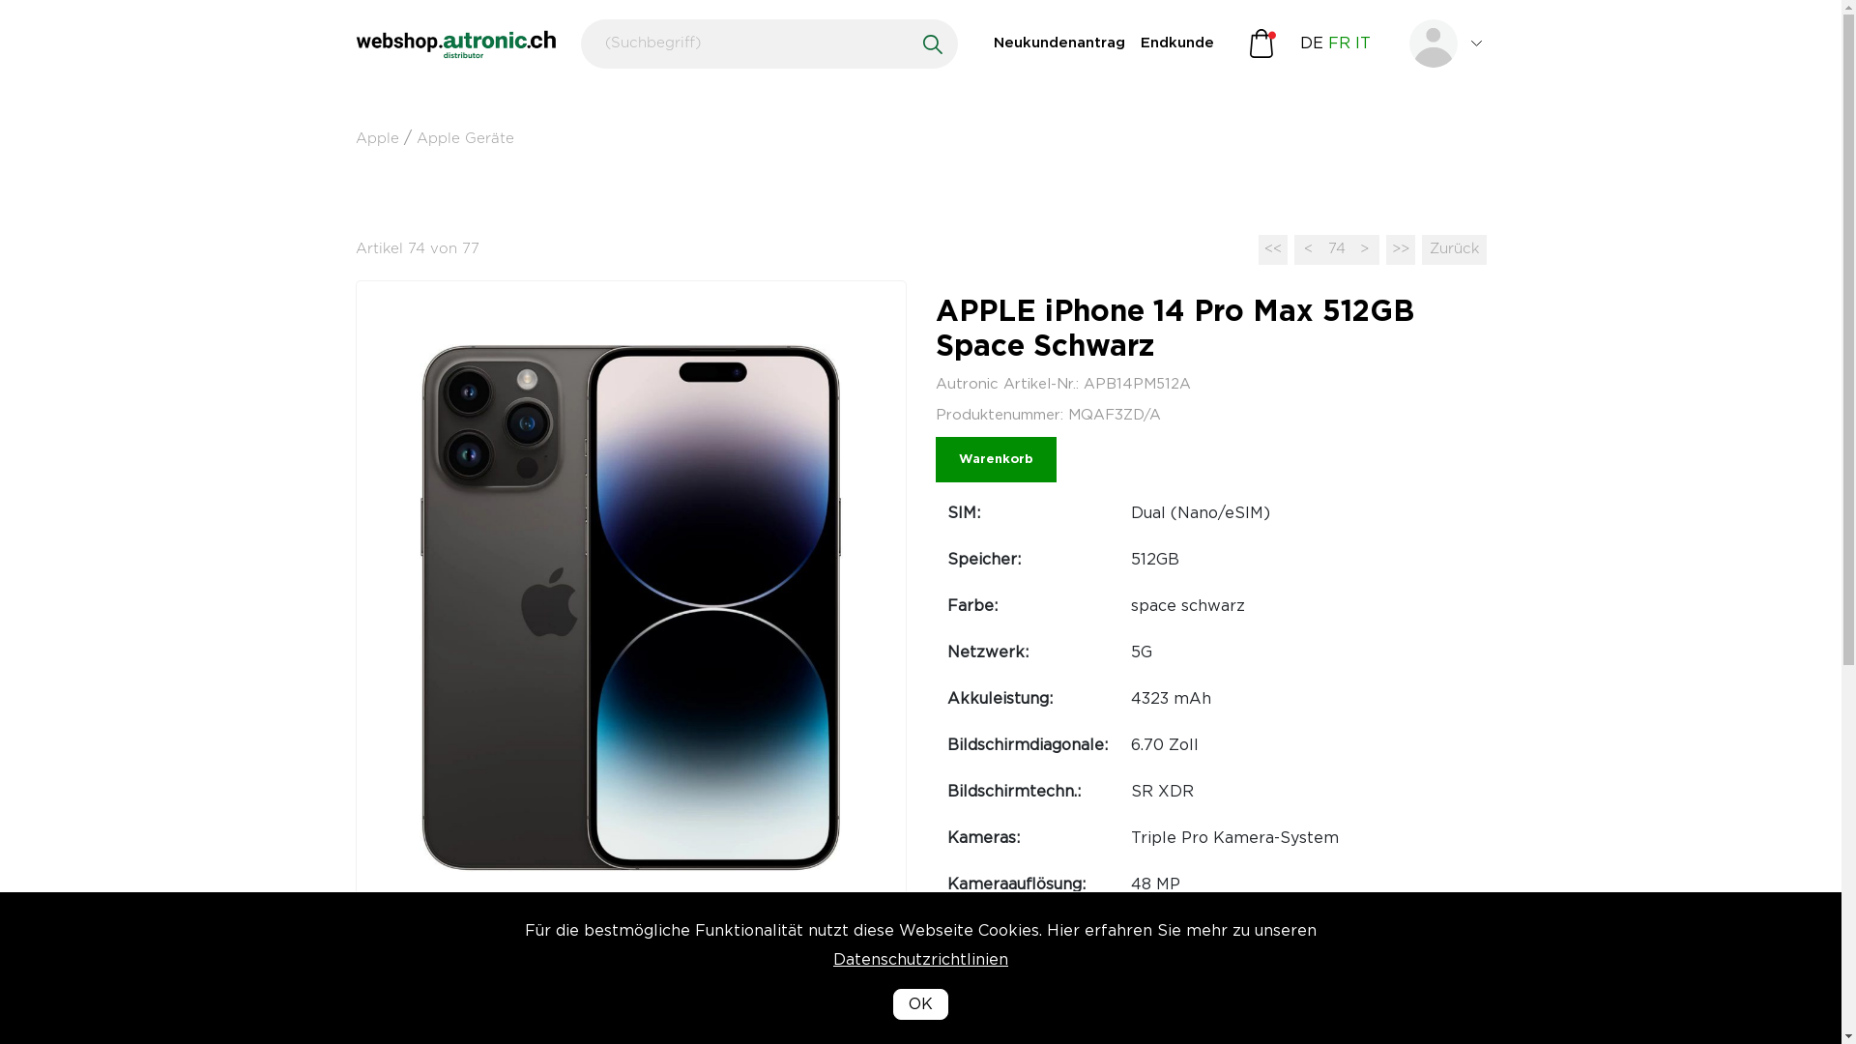 This screenshot has width=1856, height=1044. What do you see at coordinates (919, 989) in the screenshot?
I see `'Datenschutzrichtlinien'` at bounding box center [919, 989].